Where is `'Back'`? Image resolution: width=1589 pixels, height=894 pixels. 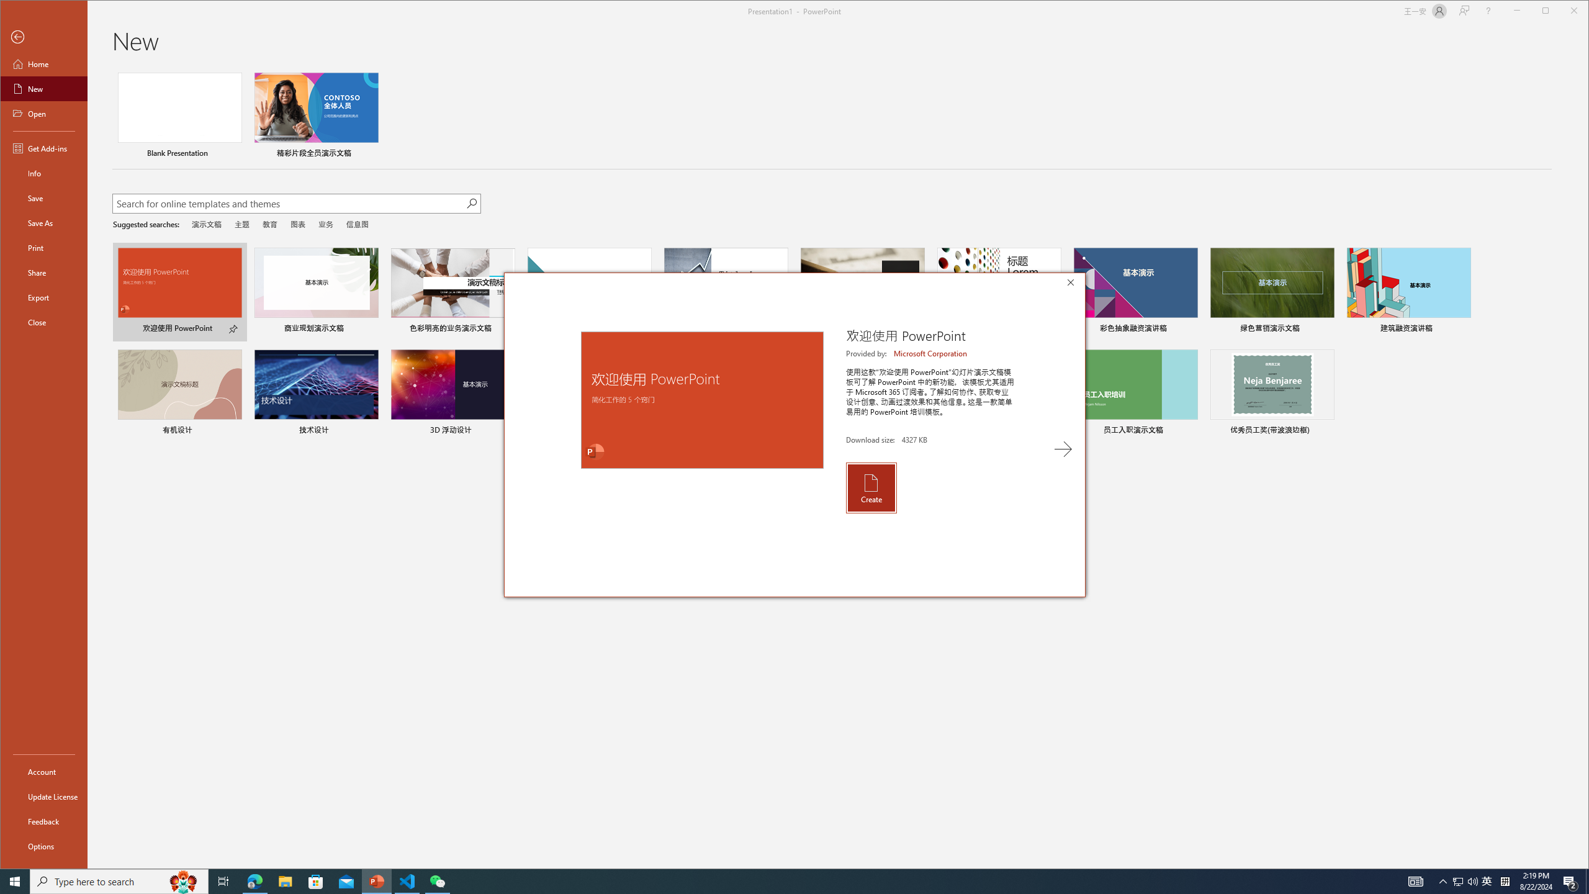
'Back' is located at coordinates (43, 37).